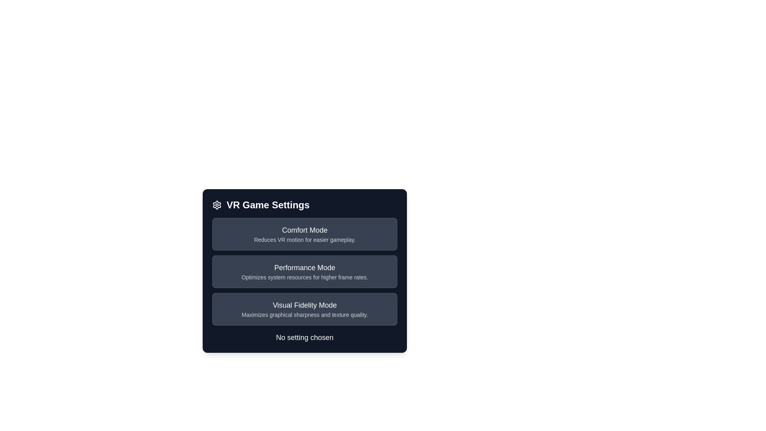 Image resolution: width=766 pixels, height=431 pixels. What do you see at coordinates (304, 268) in the screenshot?
I see `the Text Label for performance optimization, which is located within the second option box of the 'VR Game Settings' menu, between 'Comfort Mode' and 'Visual Fidelity Mode'` at bounding box center [304, 268].